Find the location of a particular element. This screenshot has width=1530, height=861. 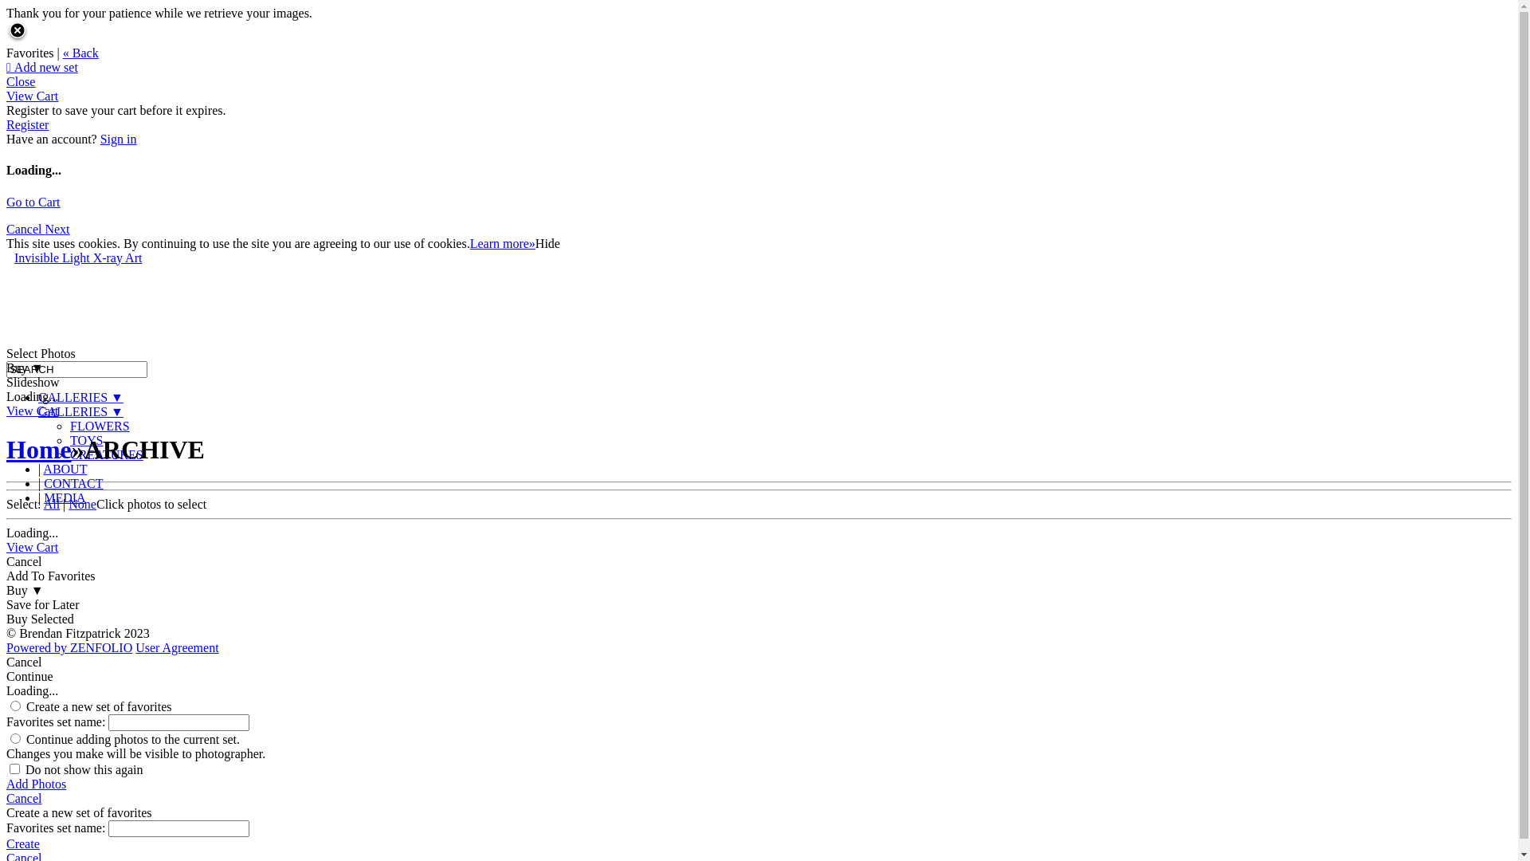

'Close' is located at coordinates (20, 81).